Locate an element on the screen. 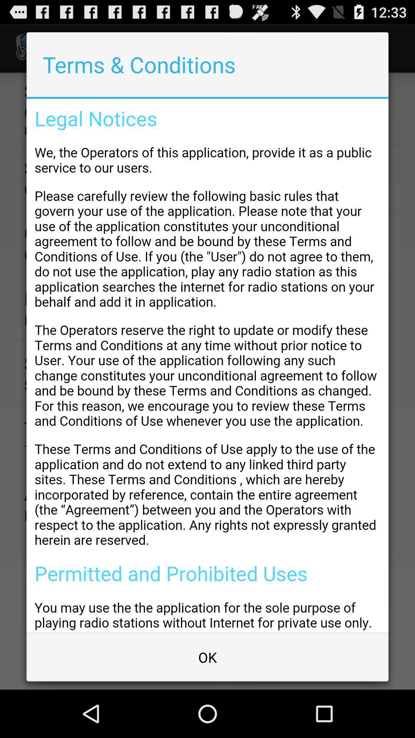 The image size is (415, 738). litters is located at coordinates (207, 365).